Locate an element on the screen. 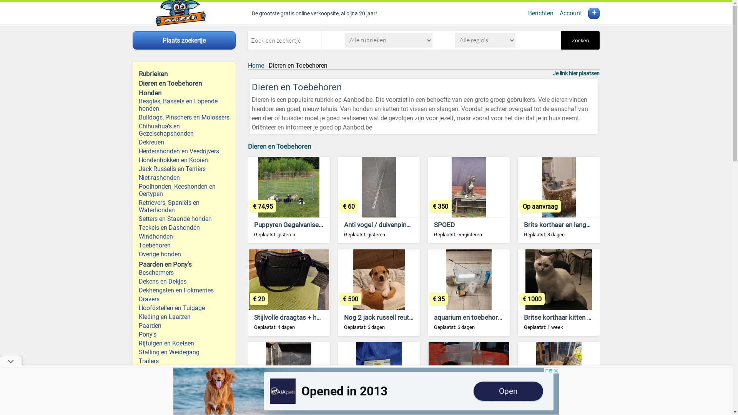 The image size is (738, 415). 'Account' is located at coordinates (570, 13).